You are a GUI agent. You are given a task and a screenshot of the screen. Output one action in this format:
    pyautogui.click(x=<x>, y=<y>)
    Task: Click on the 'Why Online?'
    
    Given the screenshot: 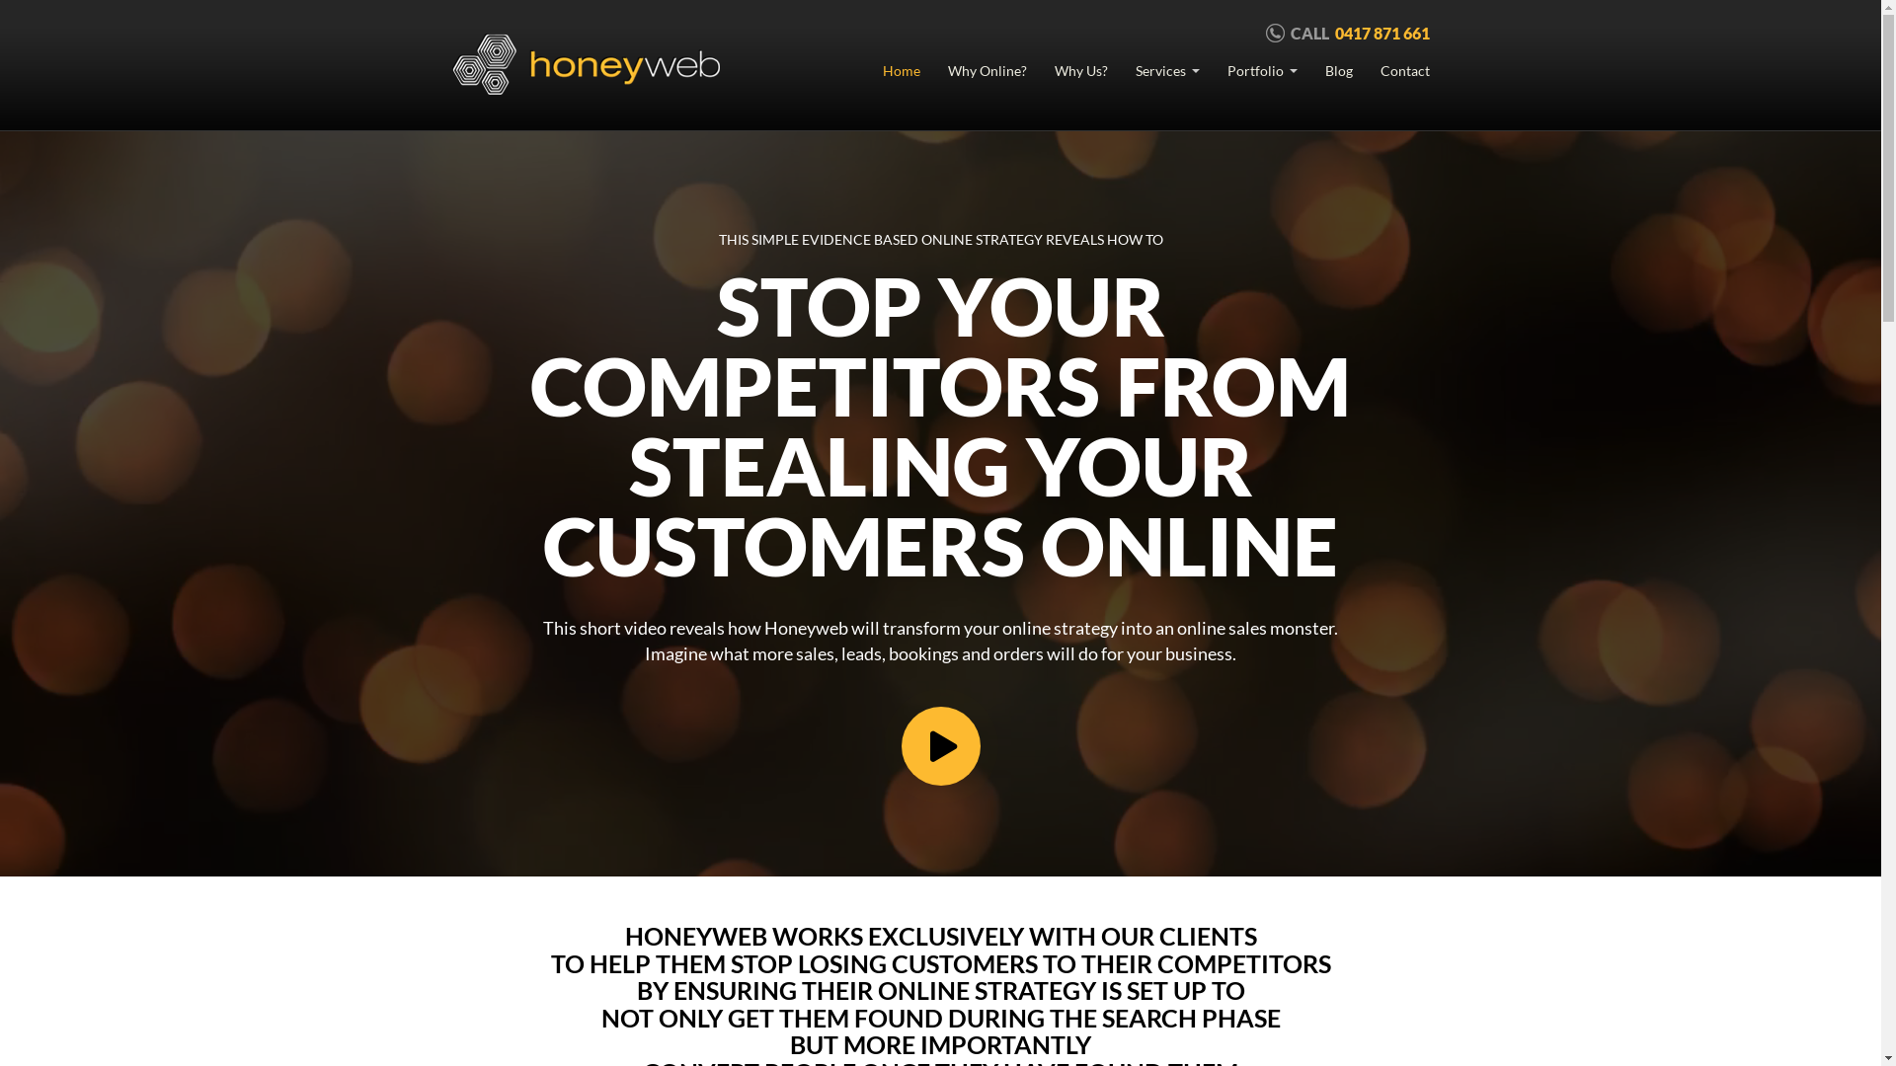 What is the action you would take?
    pyautogui.click(x=987, y=70)
    